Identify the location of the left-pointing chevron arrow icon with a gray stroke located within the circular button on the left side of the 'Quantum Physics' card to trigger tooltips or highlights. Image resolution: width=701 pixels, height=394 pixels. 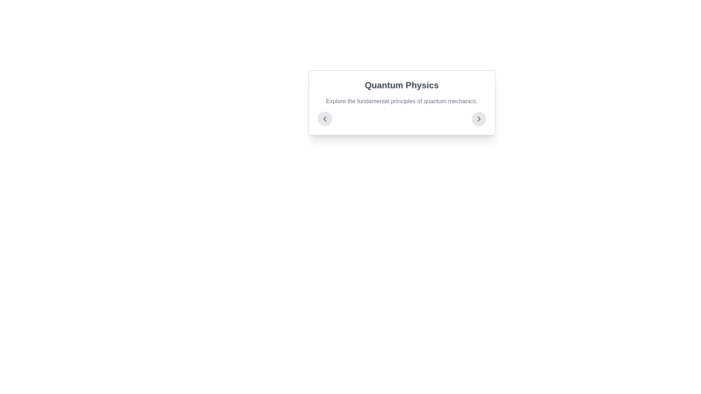
(324, 119).